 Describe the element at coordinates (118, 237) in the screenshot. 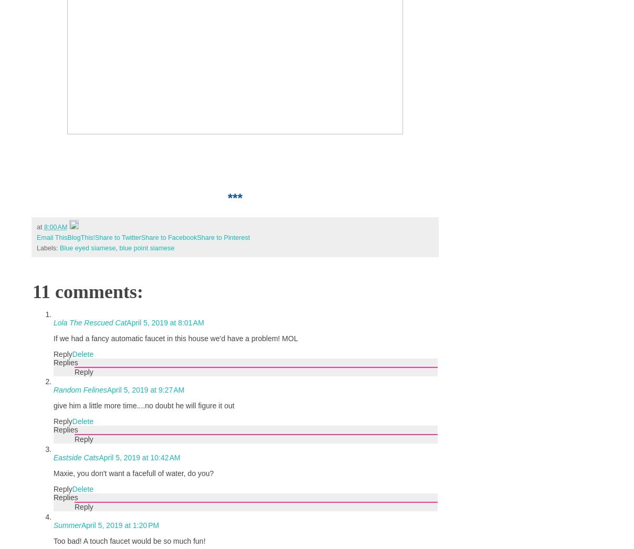

I see `'Share to Twitter'` at that location.